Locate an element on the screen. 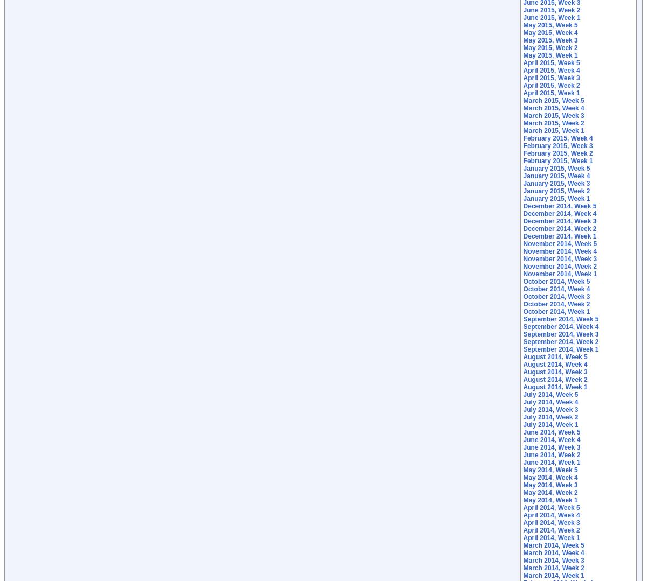 The height and width of the screenshot is (581, 647). 'December 2014, Week 5' is located at coordinates (560, 206).